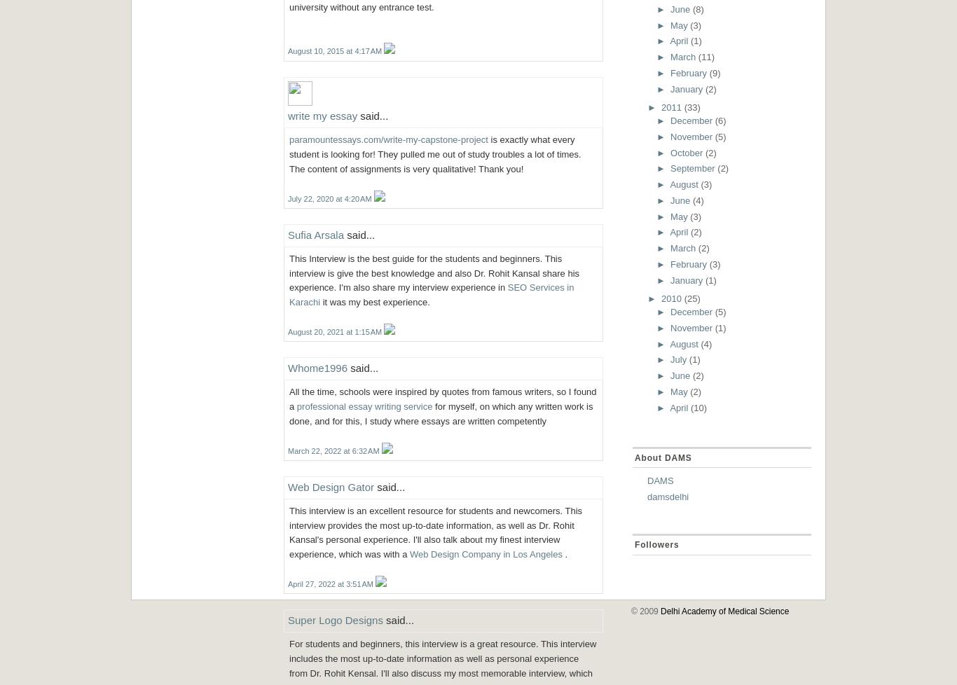 This screenshot has width=957, height=685. What do you see at coordinates (287, 50) in the screenshot?
I see `'August 10, 2015 at 4:17 AM'` at bounding box center [287, 50].